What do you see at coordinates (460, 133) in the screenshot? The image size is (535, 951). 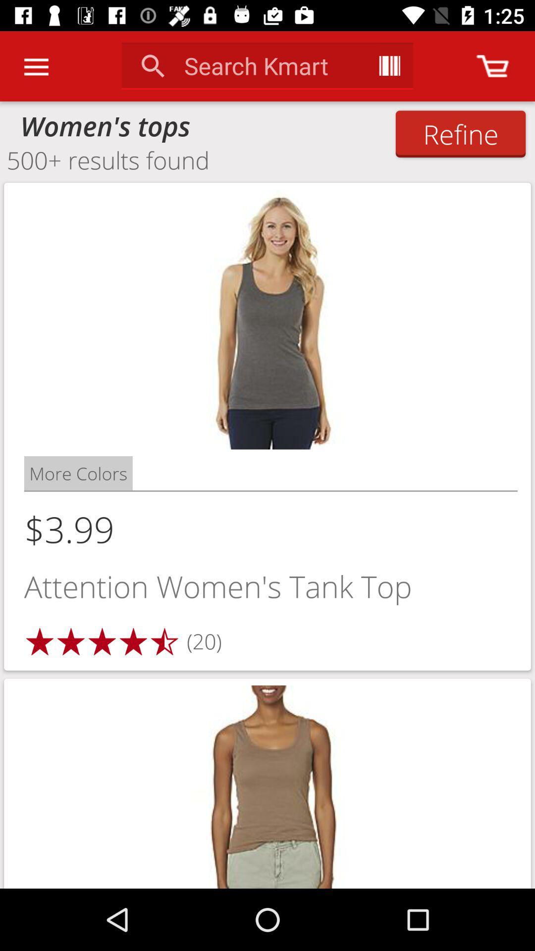 I see `item next to  women's tops icon` at bounding box center [460, 133].